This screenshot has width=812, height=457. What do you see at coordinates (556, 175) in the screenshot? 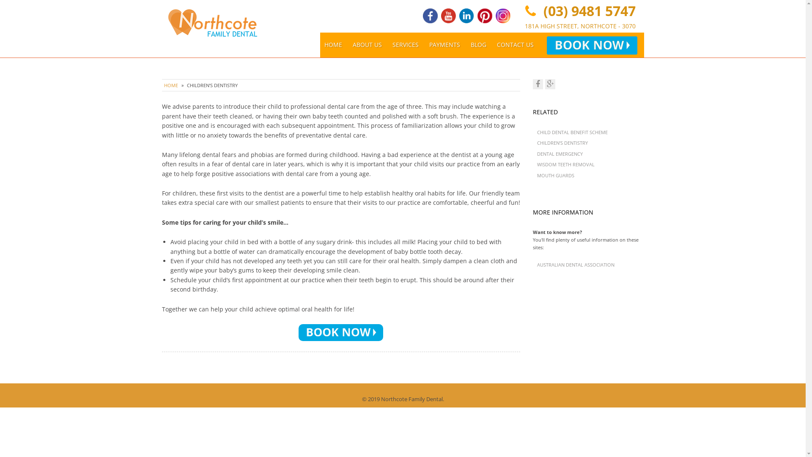
I see `'MOUTH GUARDS'` at bounding box center [556, 175].